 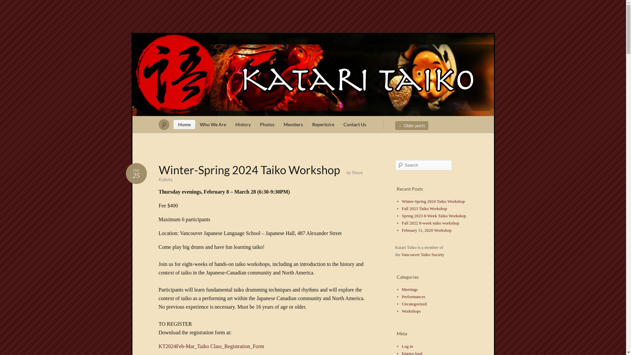 I want to click on 'Fall 2022 8-week taiko workshop', so click(x=430, y=223).